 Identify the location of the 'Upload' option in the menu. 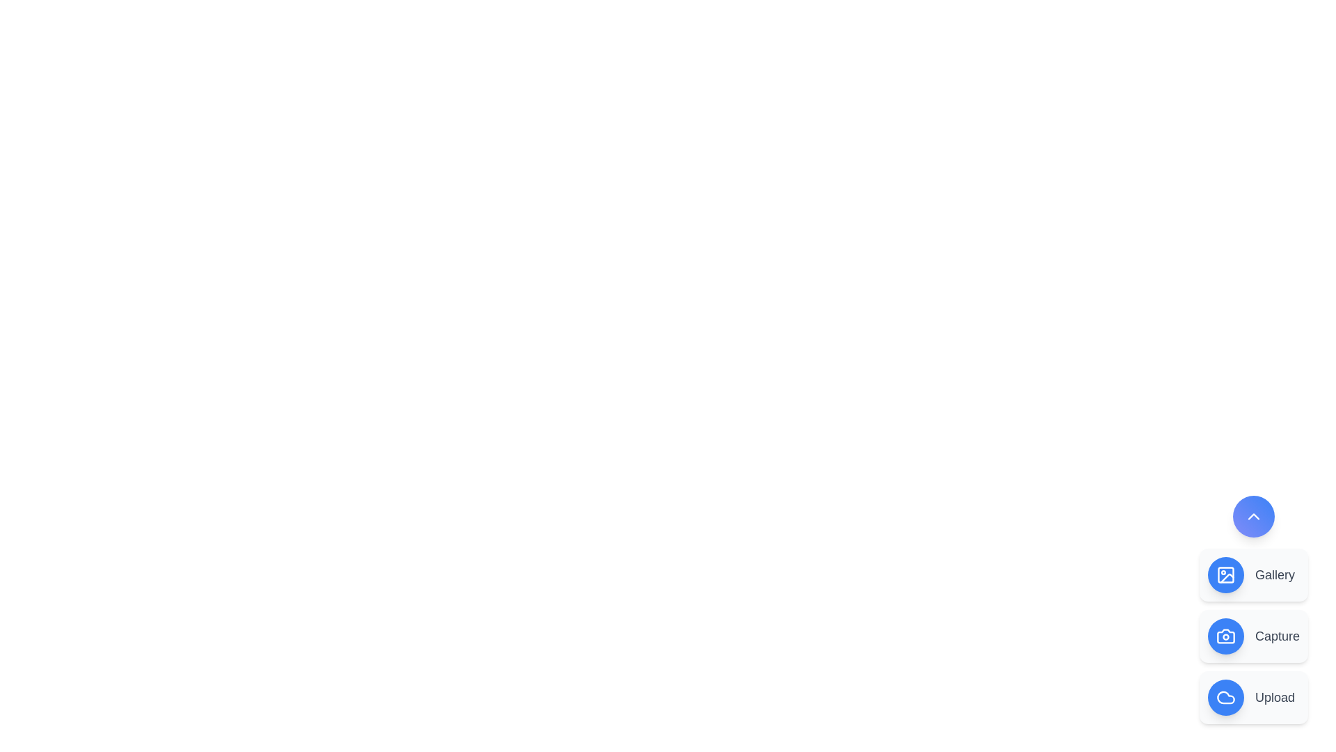
(1253, 698).